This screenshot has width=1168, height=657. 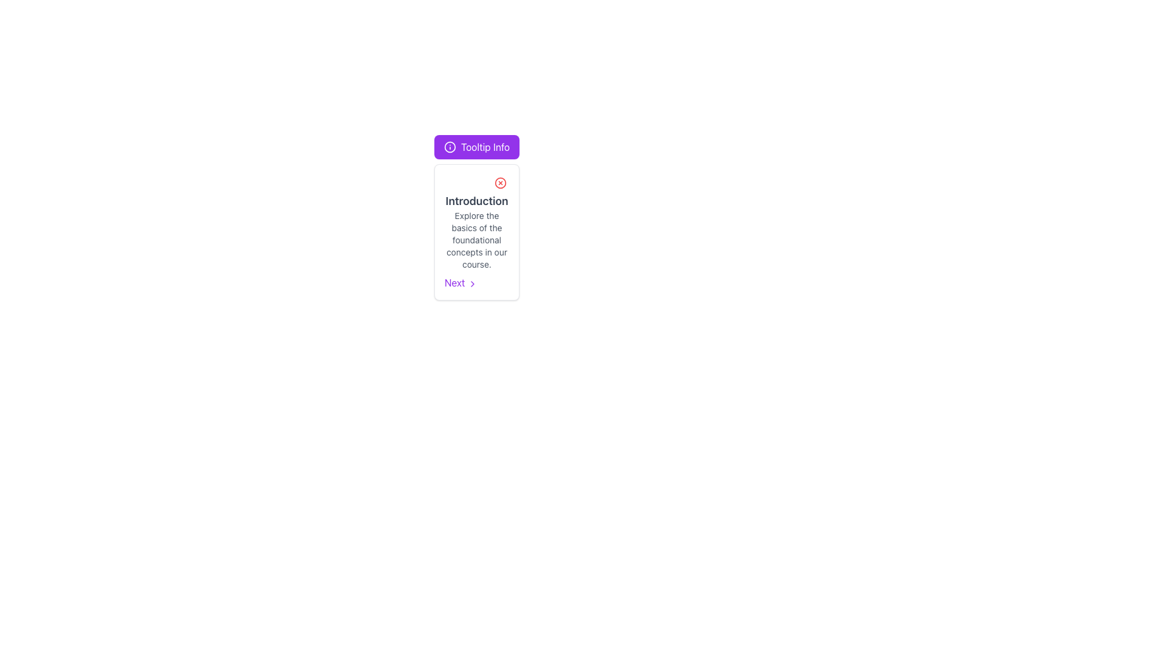 What do you see at coordinates (476, 232) in the screenshot?
I see `the text block containing the title 'Introduction' and description in the tooltip component` at bounding box center [476, 232].